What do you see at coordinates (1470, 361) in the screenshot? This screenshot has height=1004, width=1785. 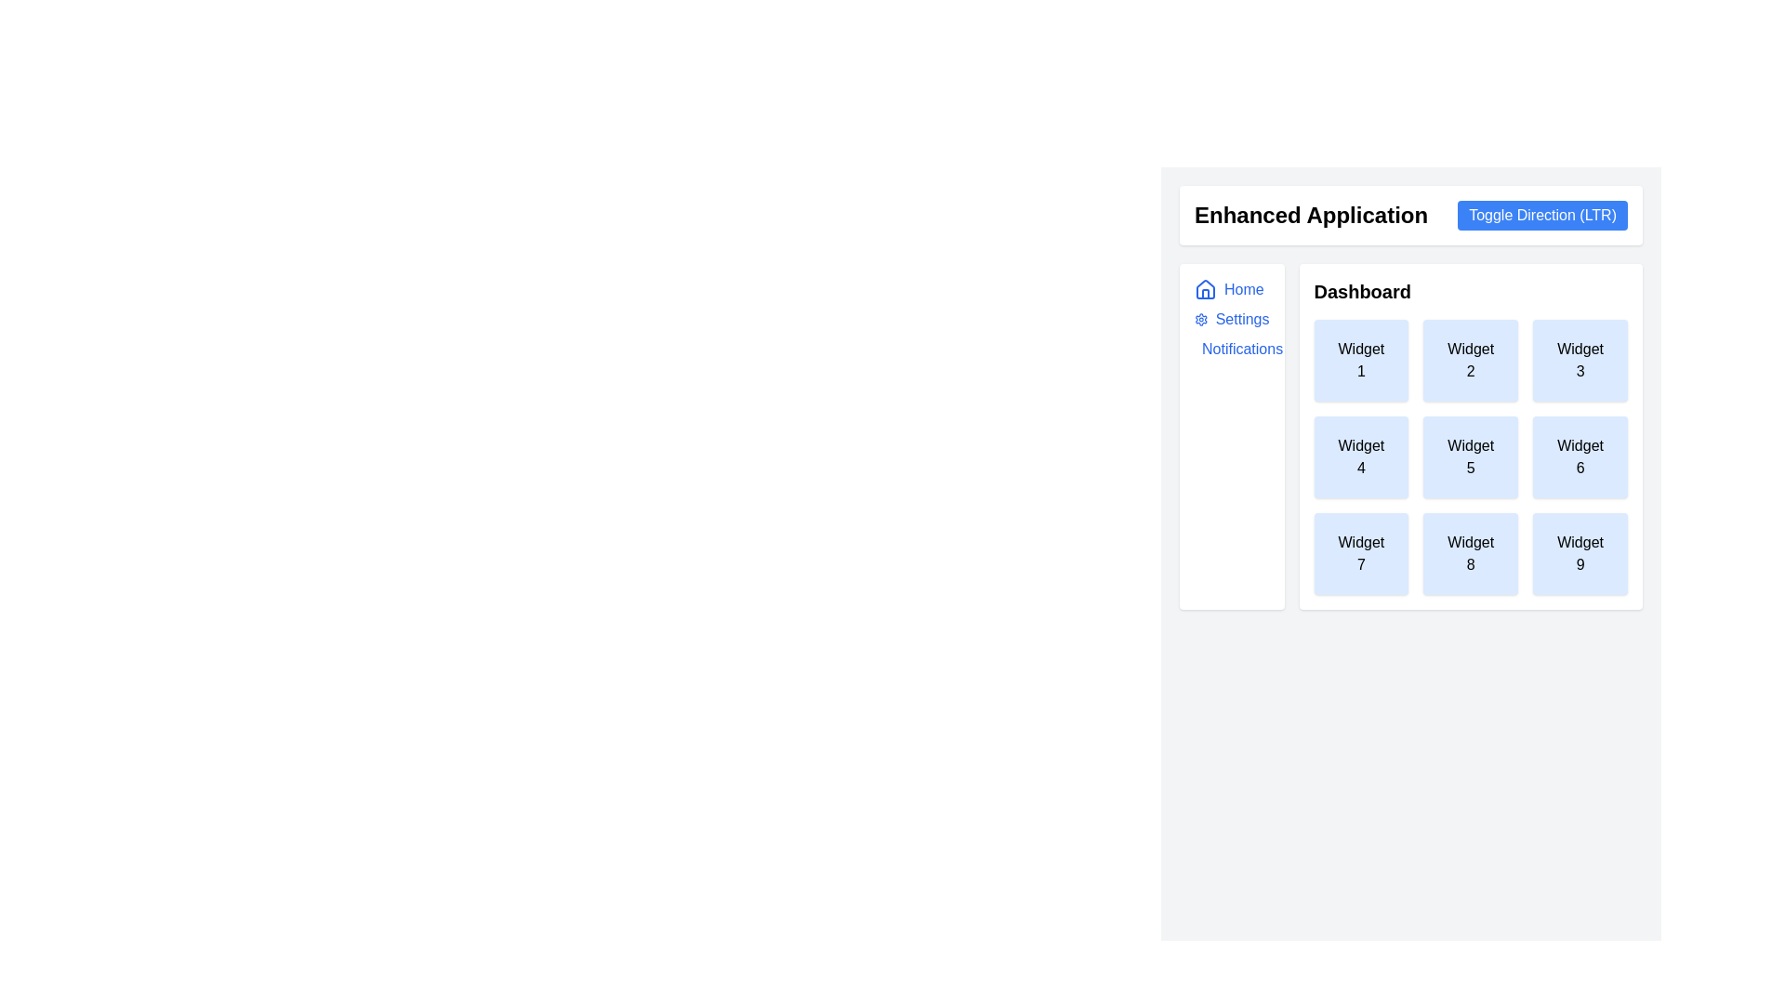 I see `the Static display widget labeled 'Widget 2', which has a light blue background and is located at the center of the second column in the top row of a 3x3 grid` at bounding box center [1470, 361].